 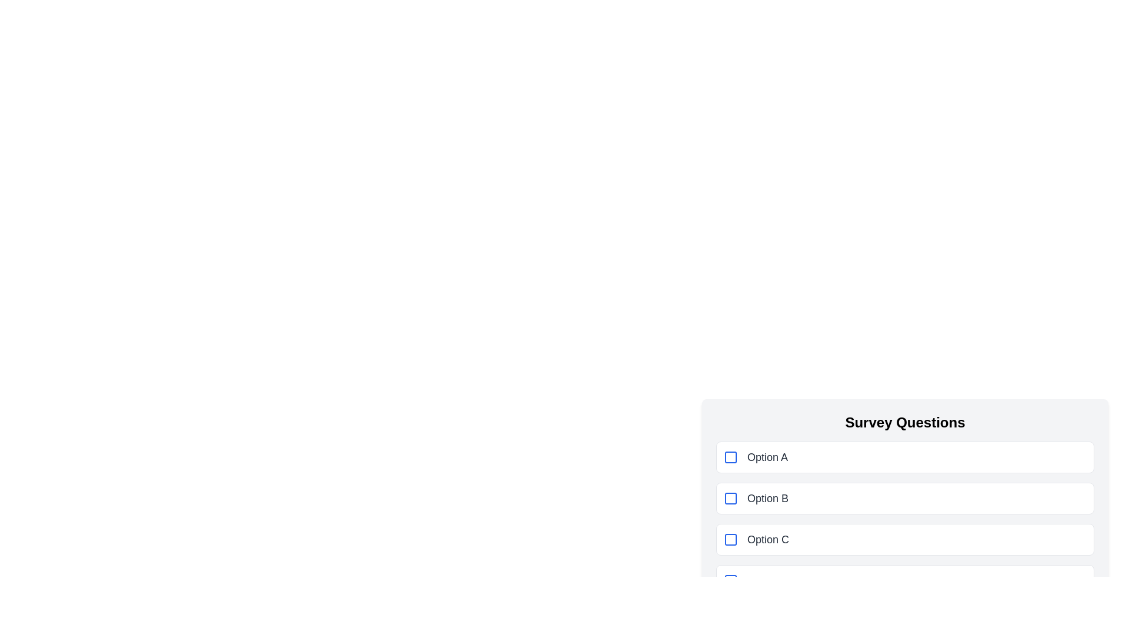 I want to click on the selection checkbox for 'Option B' to mark it, so click(x=730, y=499).